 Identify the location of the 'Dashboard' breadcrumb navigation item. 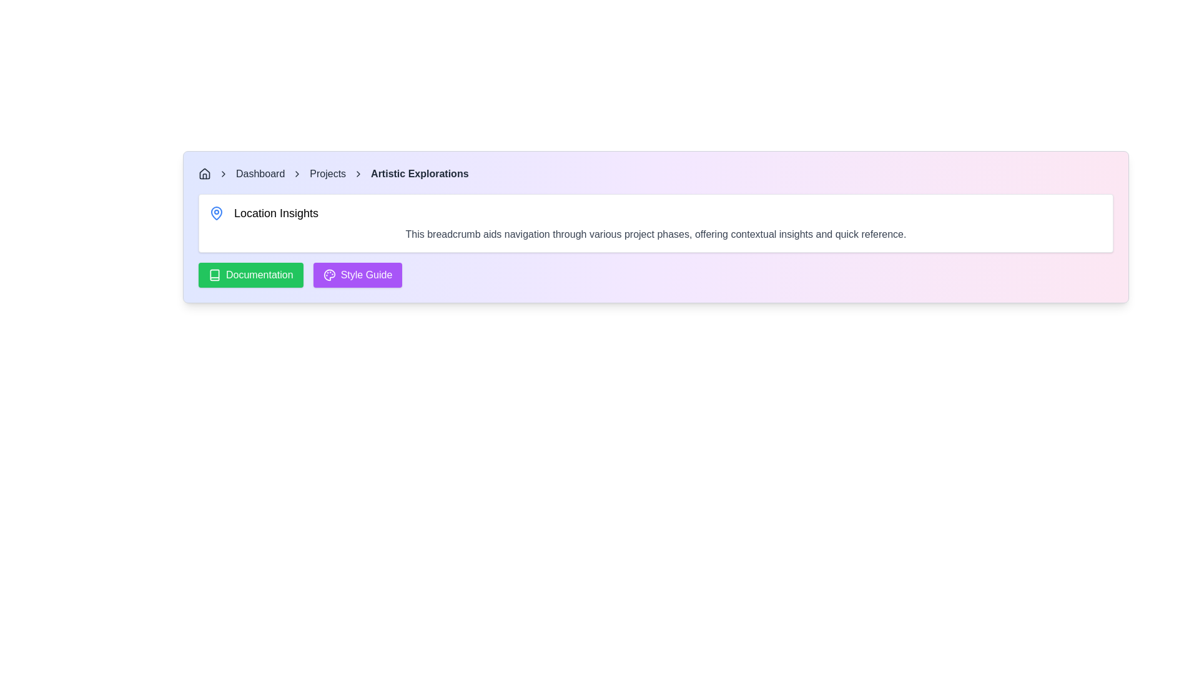
(260, 173).